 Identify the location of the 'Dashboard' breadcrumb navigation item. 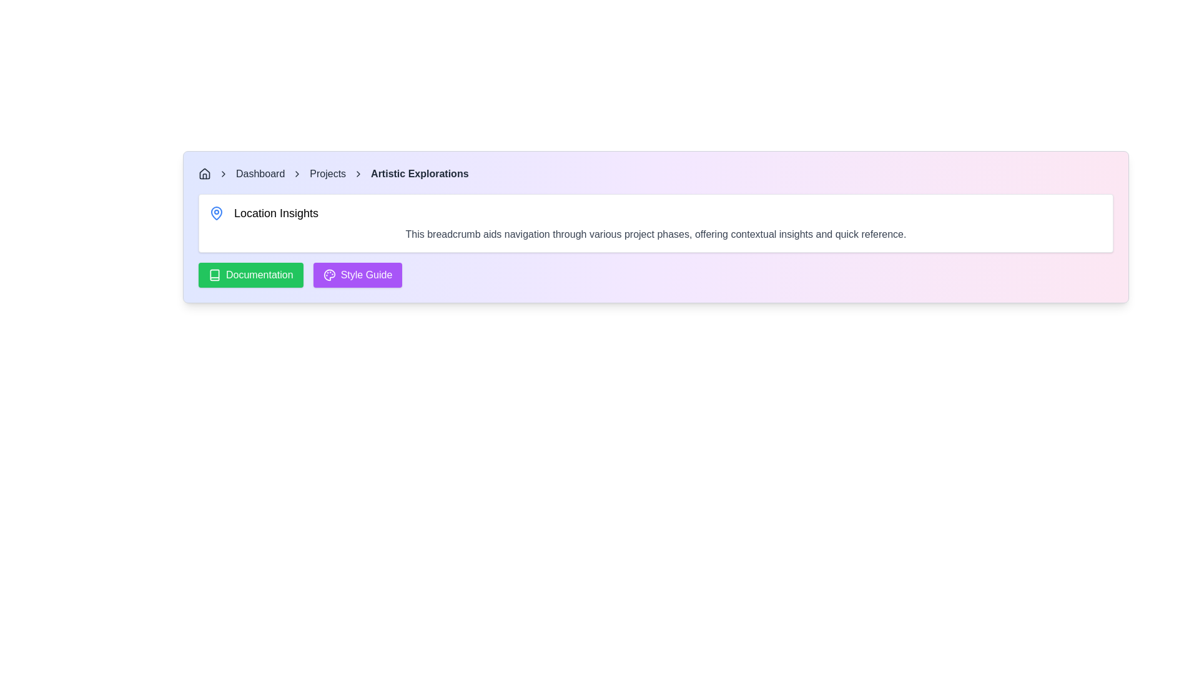
(260, 173).